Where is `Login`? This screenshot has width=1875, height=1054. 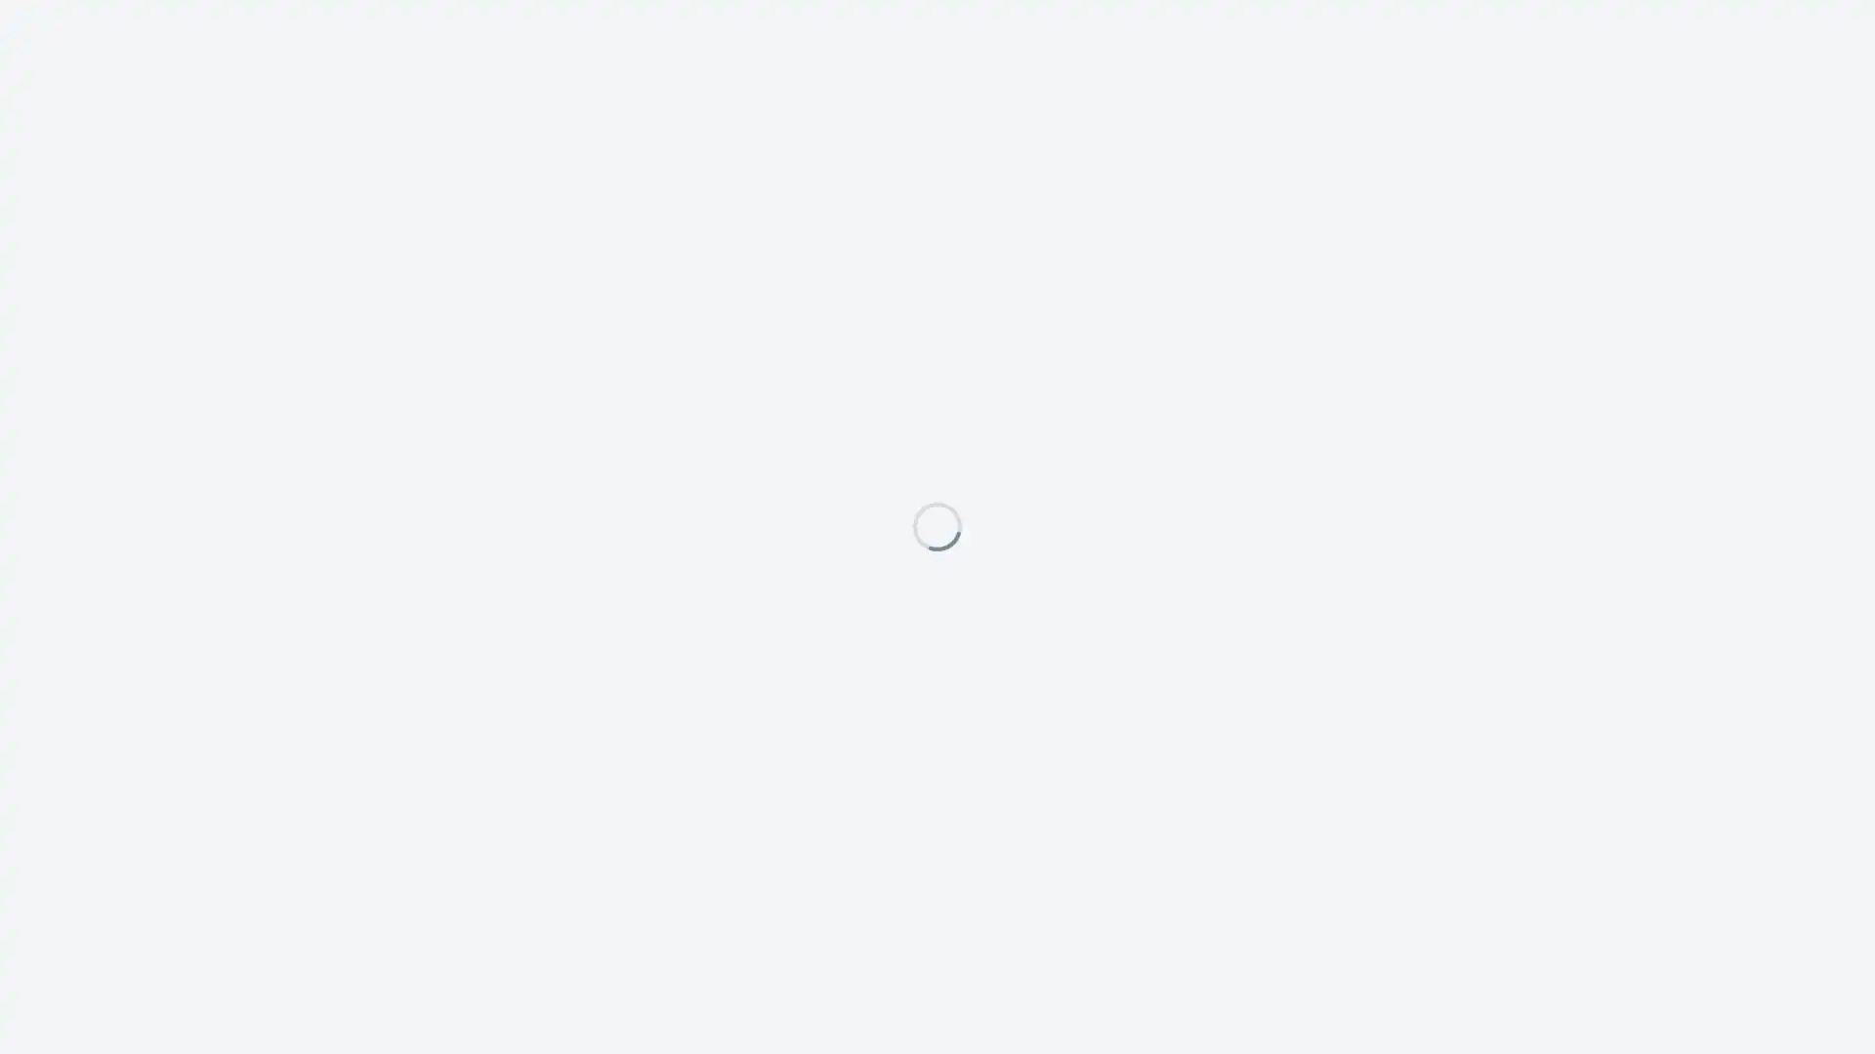
Login is located at coordinates (1128, 628).